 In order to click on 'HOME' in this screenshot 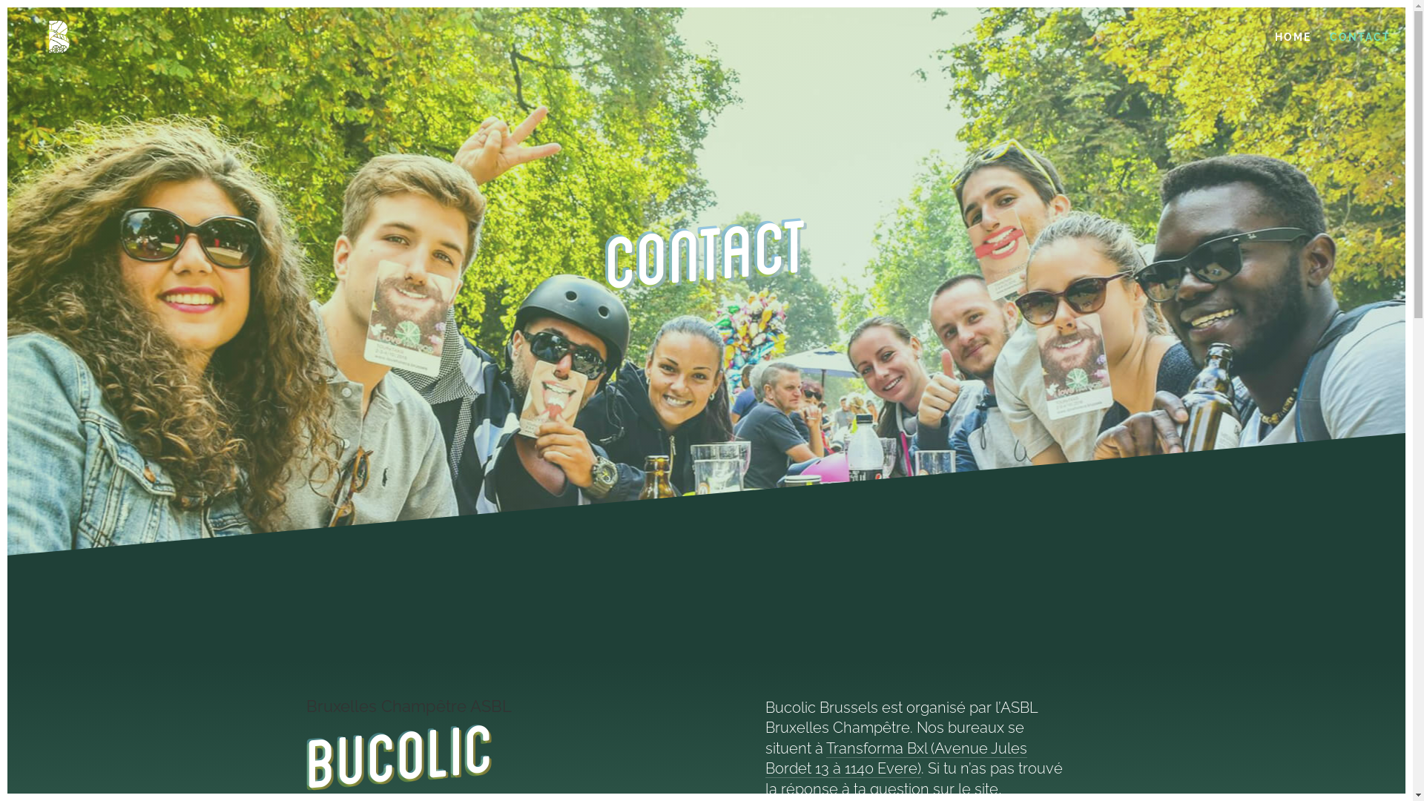, I will do `click(1292, 48)`.